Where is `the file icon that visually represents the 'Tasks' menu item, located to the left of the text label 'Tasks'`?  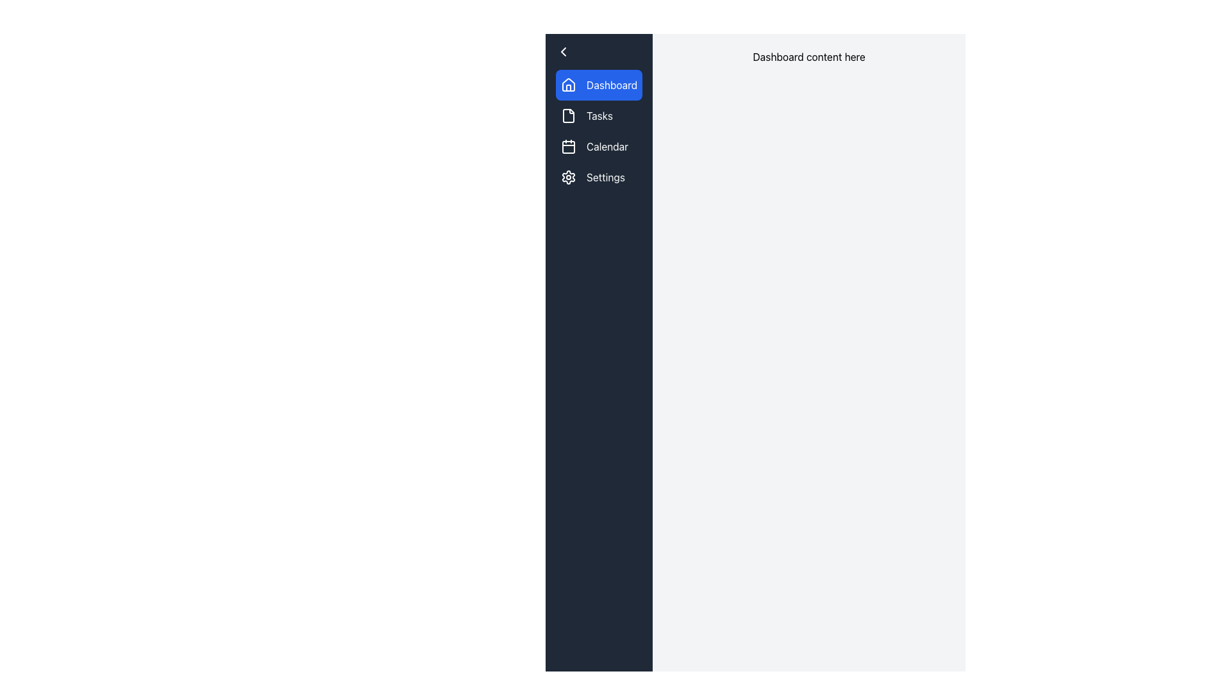
the file icon that visually represents the 'Tasks' menu item, located to the left of the text label 'Tasks' is located at coordinates (568, 116).